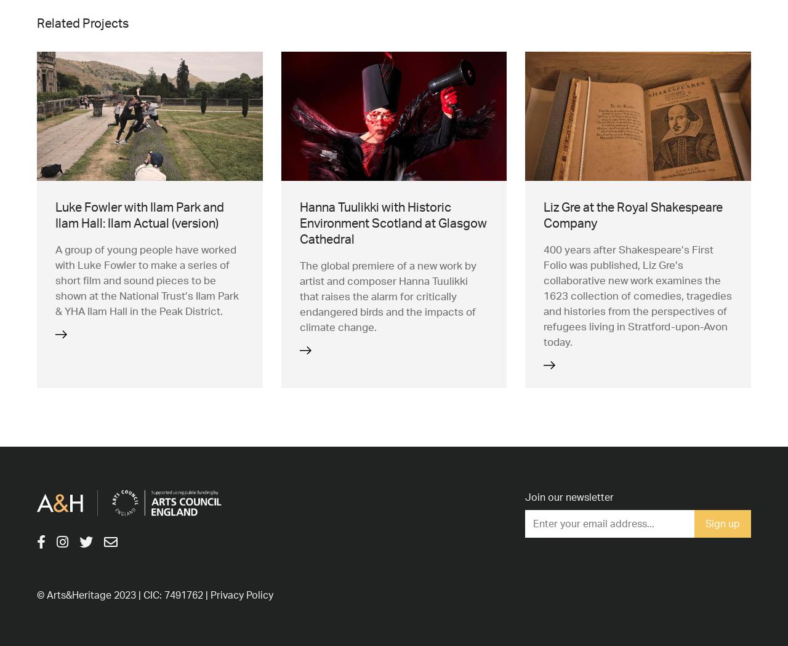 This screenshot has height=646, width=788. Describe the element at coordinates (147, 279) in the screenshot. I see `'A group of young people have worked with Luke Fowler to make a series of short film and sound pieces to be shown at the National Trust’s Ilam Park & YHA Ilam Hall in the Peak District.'` at that location.